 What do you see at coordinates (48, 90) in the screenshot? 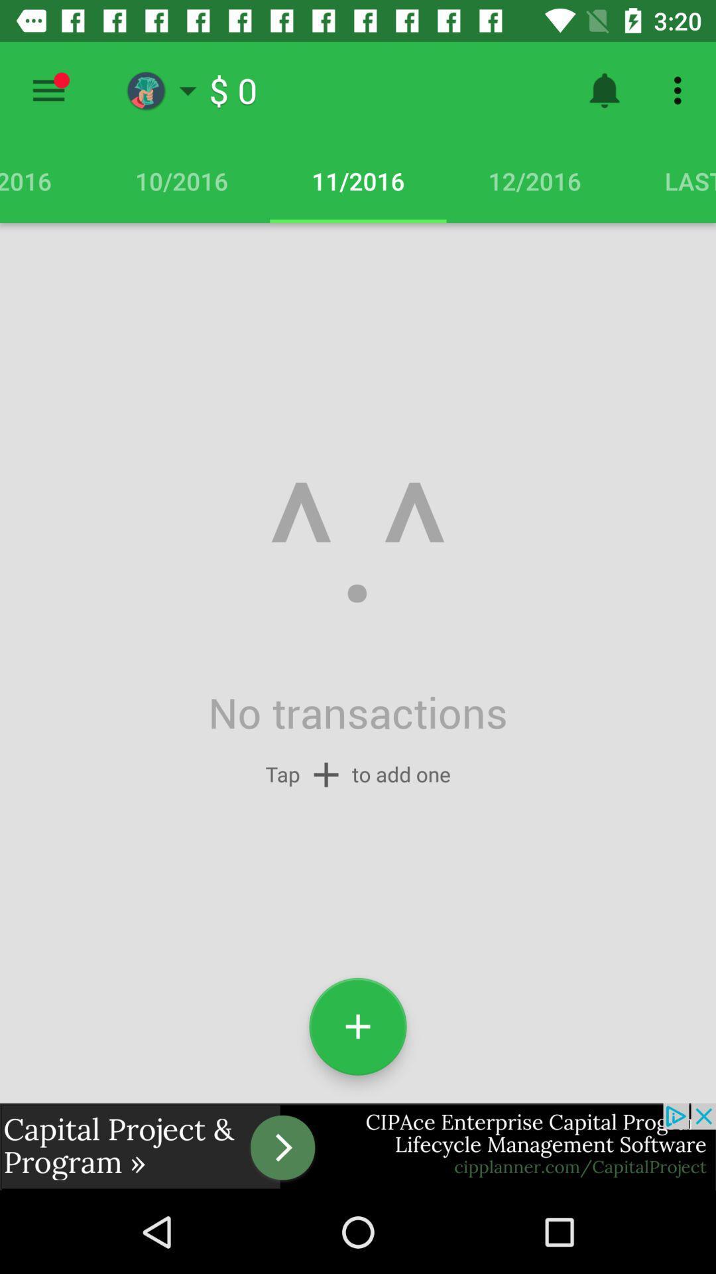
I see `open menu` at bounding box center [48, 90].